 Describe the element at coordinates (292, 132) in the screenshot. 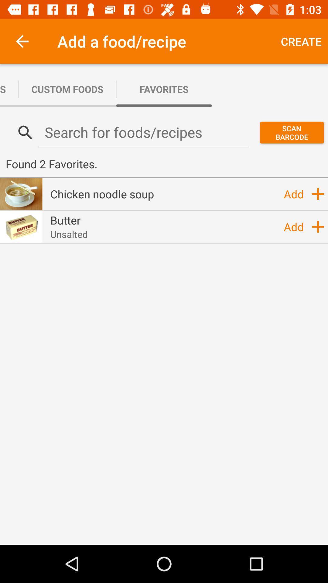

I see `icon below the create item` at that location.